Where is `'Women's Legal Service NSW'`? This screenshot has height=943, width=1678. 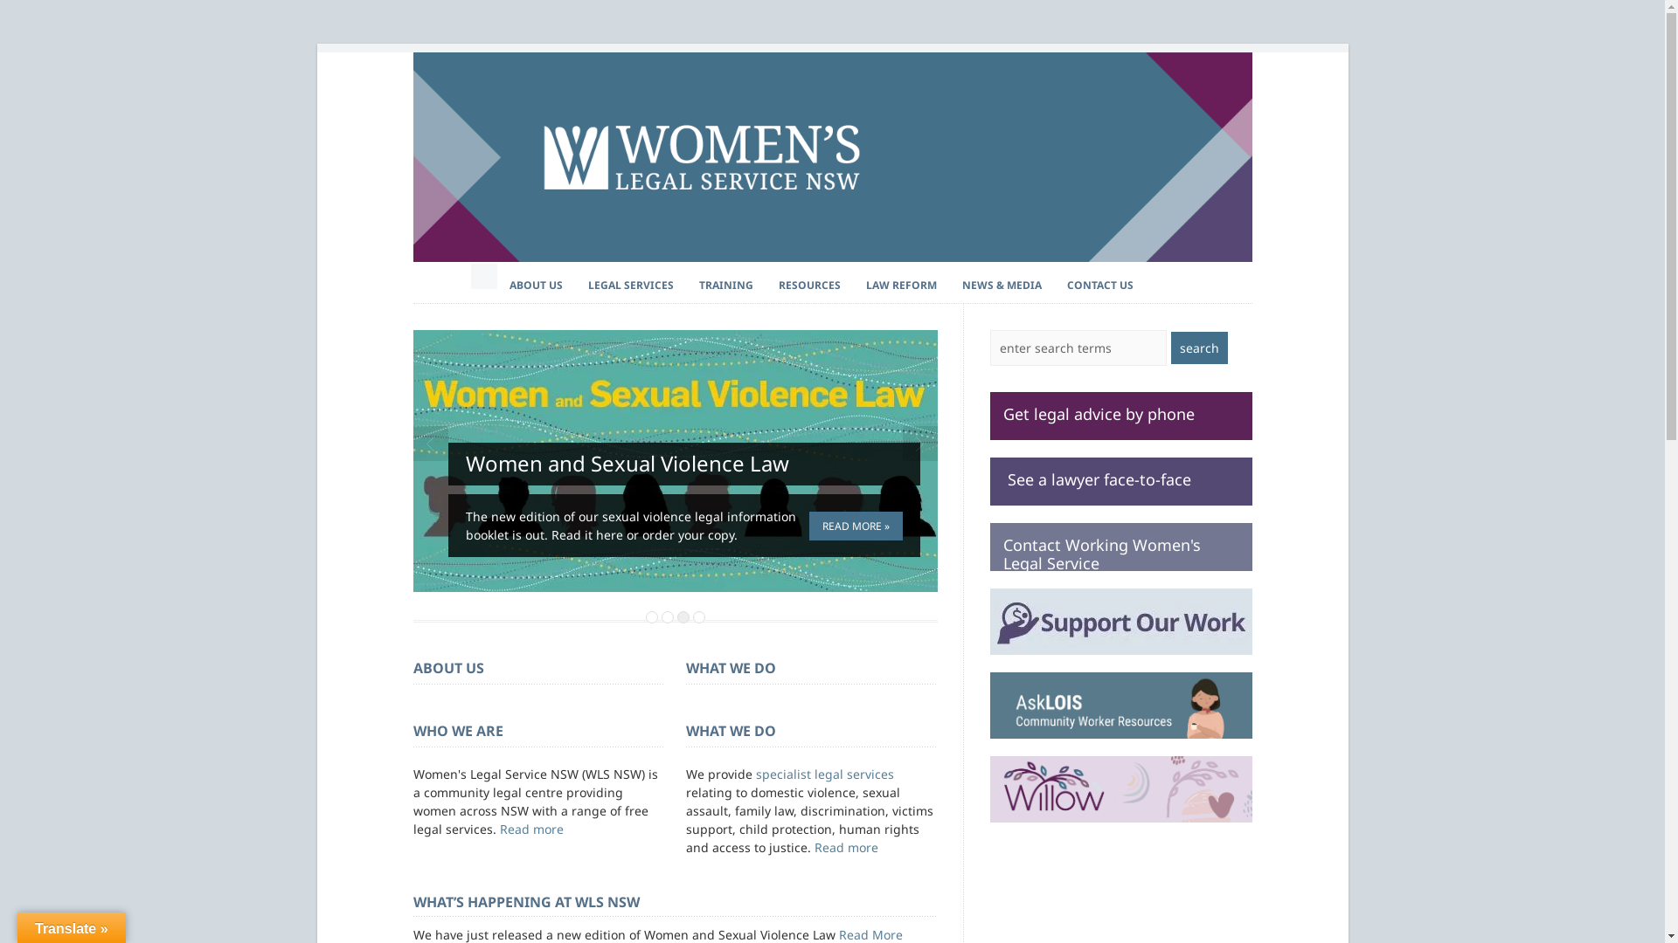
'Women's Legal Service NSW' is located at coordinates (830, 256).